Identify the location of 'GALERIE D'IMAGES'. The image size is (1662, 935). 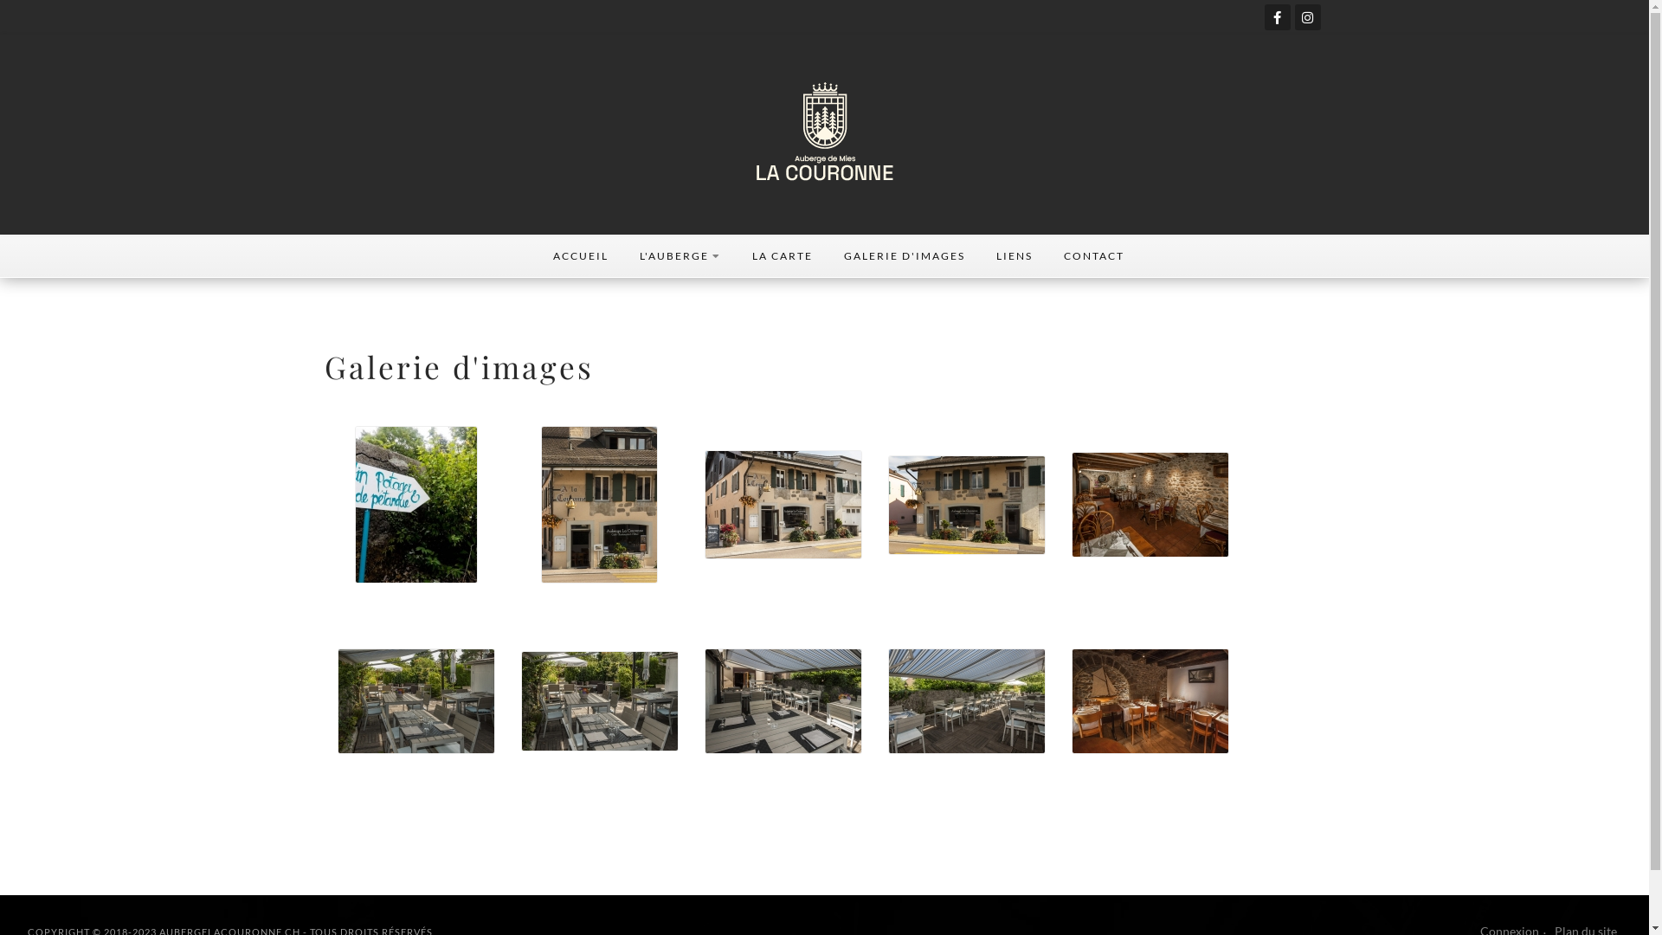
(902, 256).